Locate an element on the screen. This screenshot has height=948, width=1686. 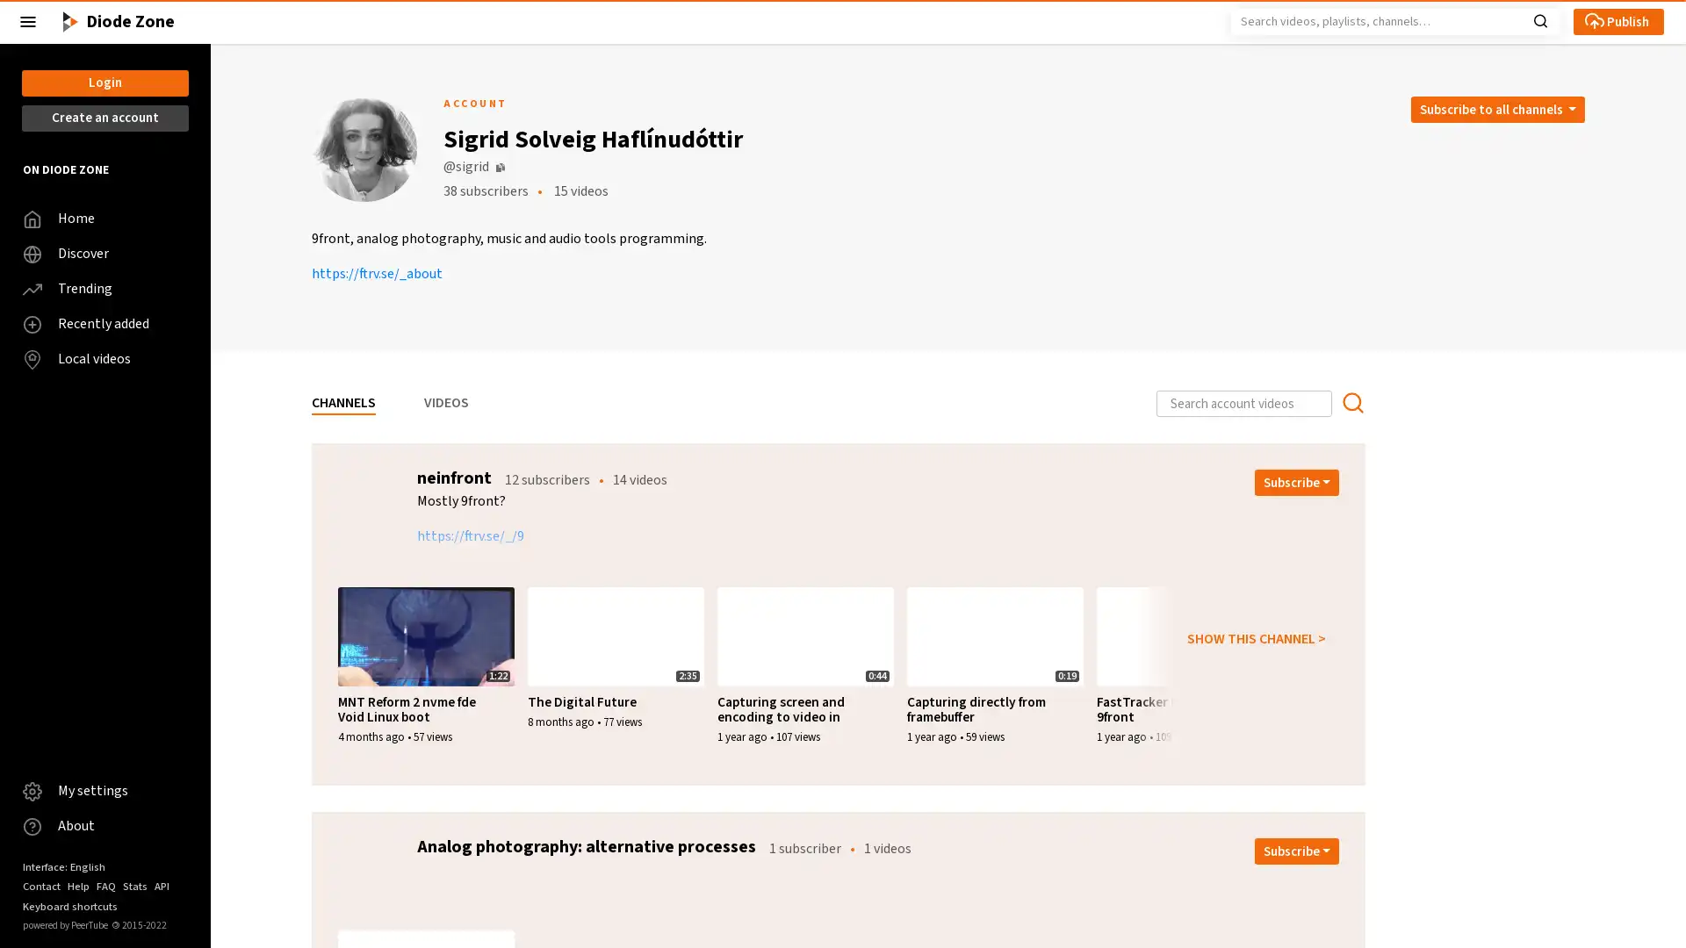
Open subscription dropdown is located at coordinates (1297, 483).